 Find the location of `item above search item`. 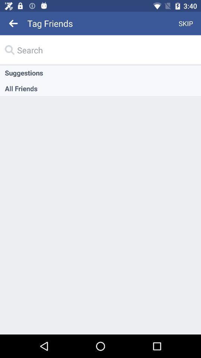

item above search item is located at coordinates (185, 23).